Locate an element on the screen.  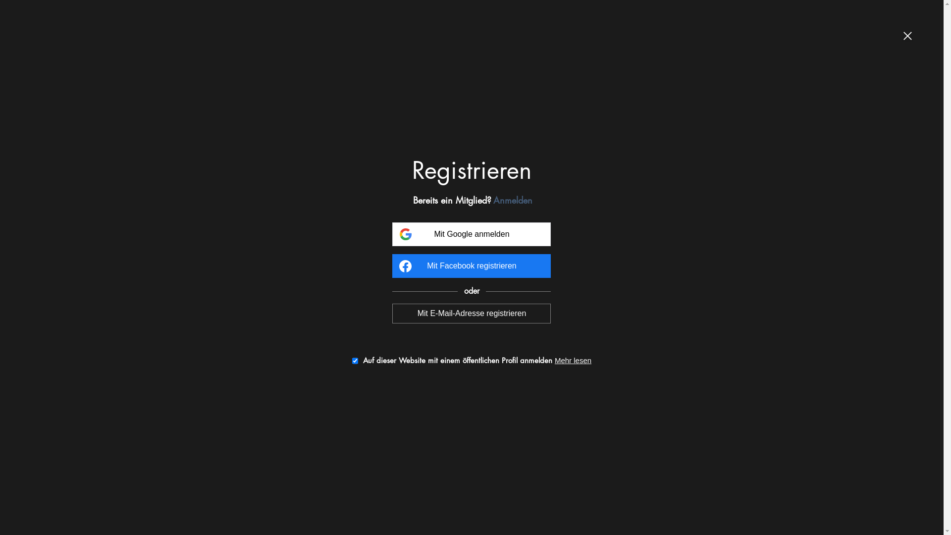
'Mit Google anmelden' is located at coordinates (471, 234).